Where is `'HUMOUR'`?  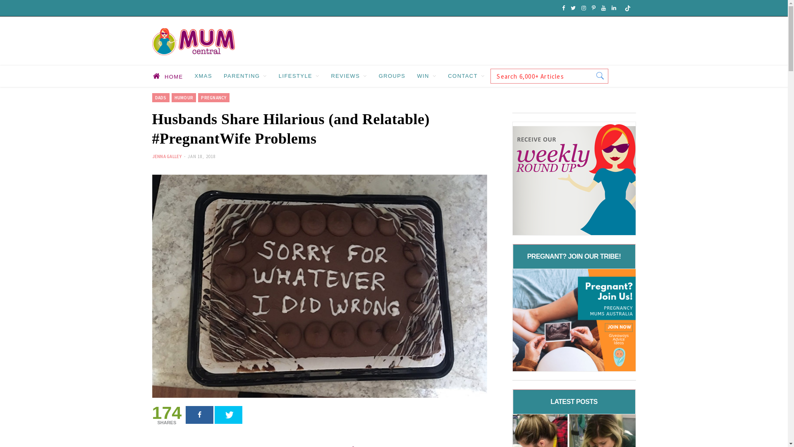 'HUMOUR' is located at coordinates (184, 97).